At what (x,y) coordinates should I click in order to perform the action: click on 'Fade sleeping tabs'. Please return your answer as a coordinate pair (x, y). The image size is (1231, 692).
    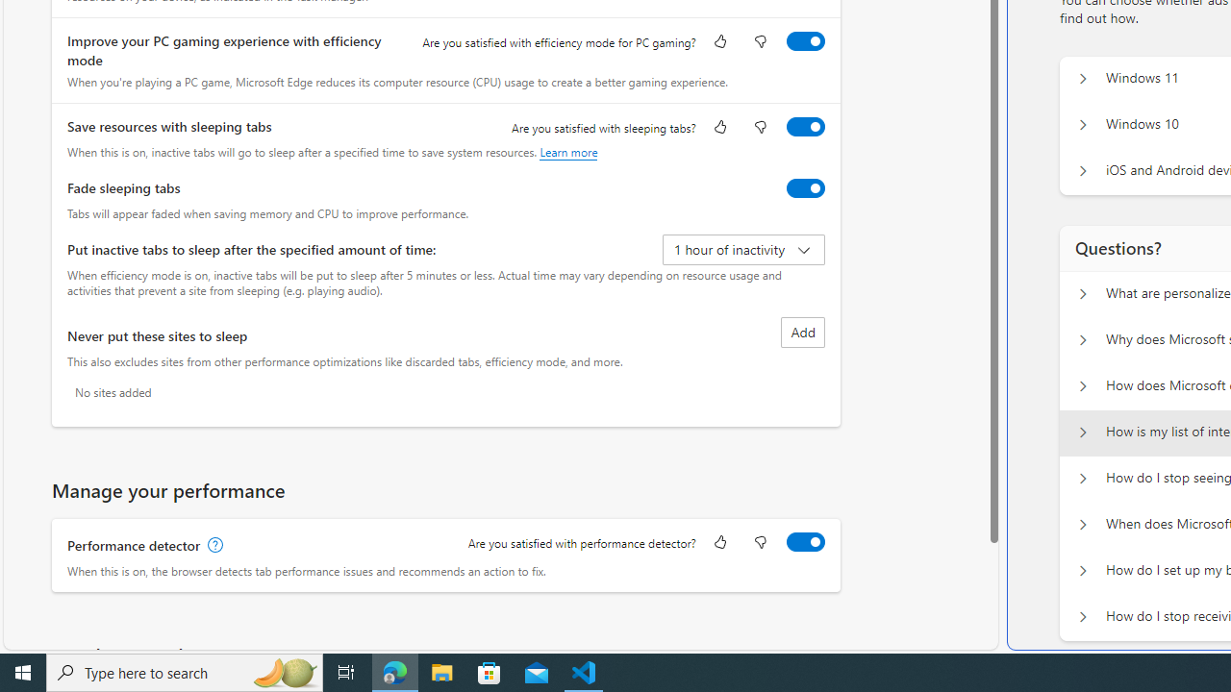
    Looking at the image, I should click on (805, 187).